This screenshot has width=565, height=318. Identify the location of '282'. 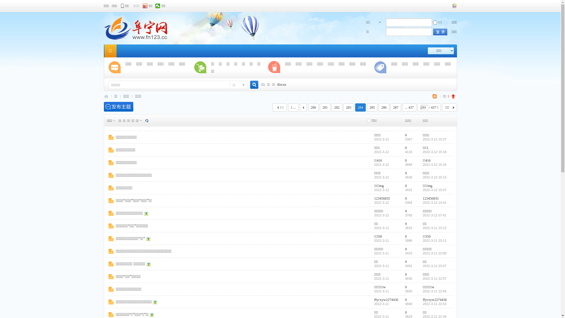
(337, 107).